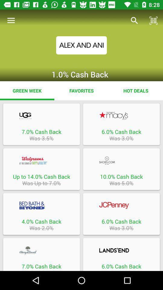  Describe the element at coordinates (41, 205) in the screenshot. I see `open new page` at that location.